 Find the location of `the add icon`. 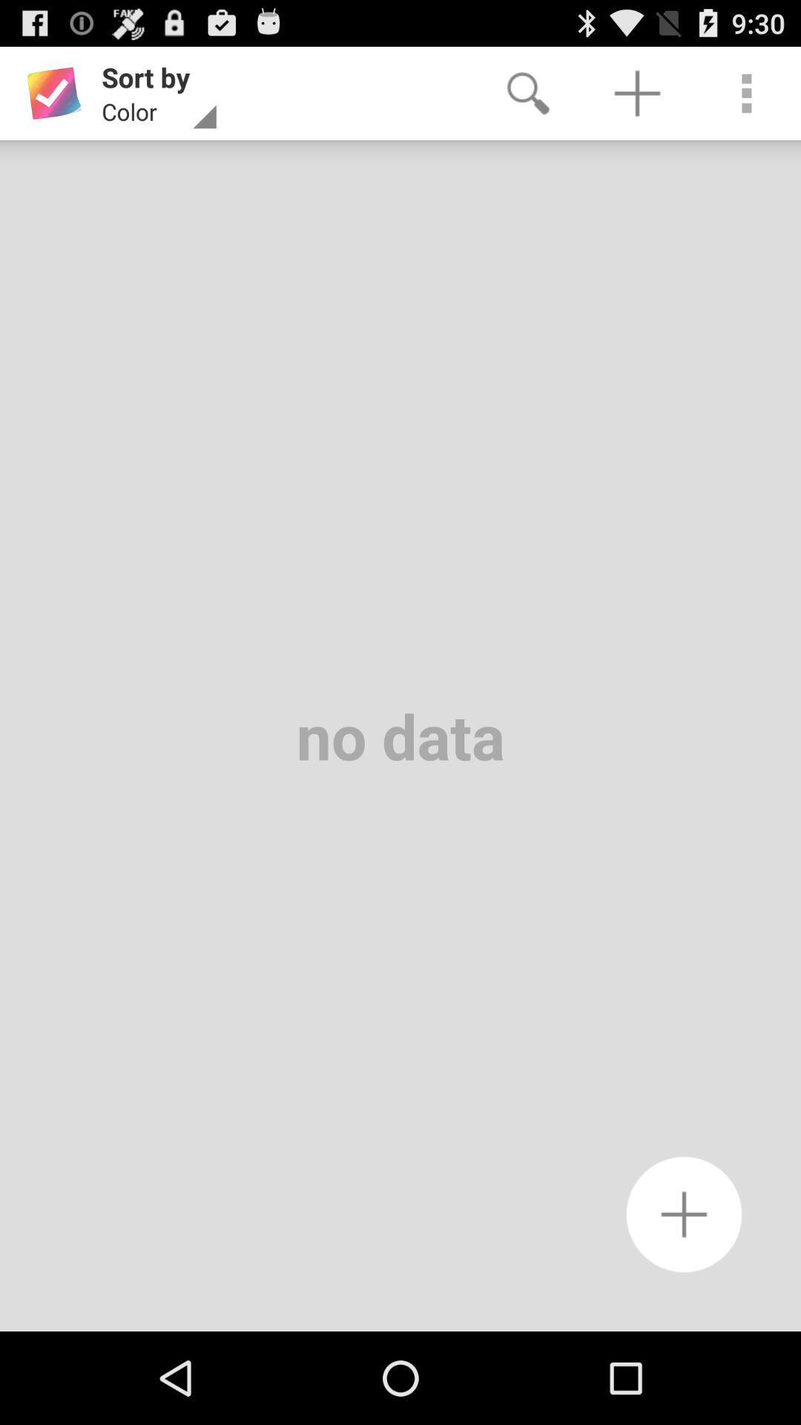

the add icon is located at coordinates (684, 1299).